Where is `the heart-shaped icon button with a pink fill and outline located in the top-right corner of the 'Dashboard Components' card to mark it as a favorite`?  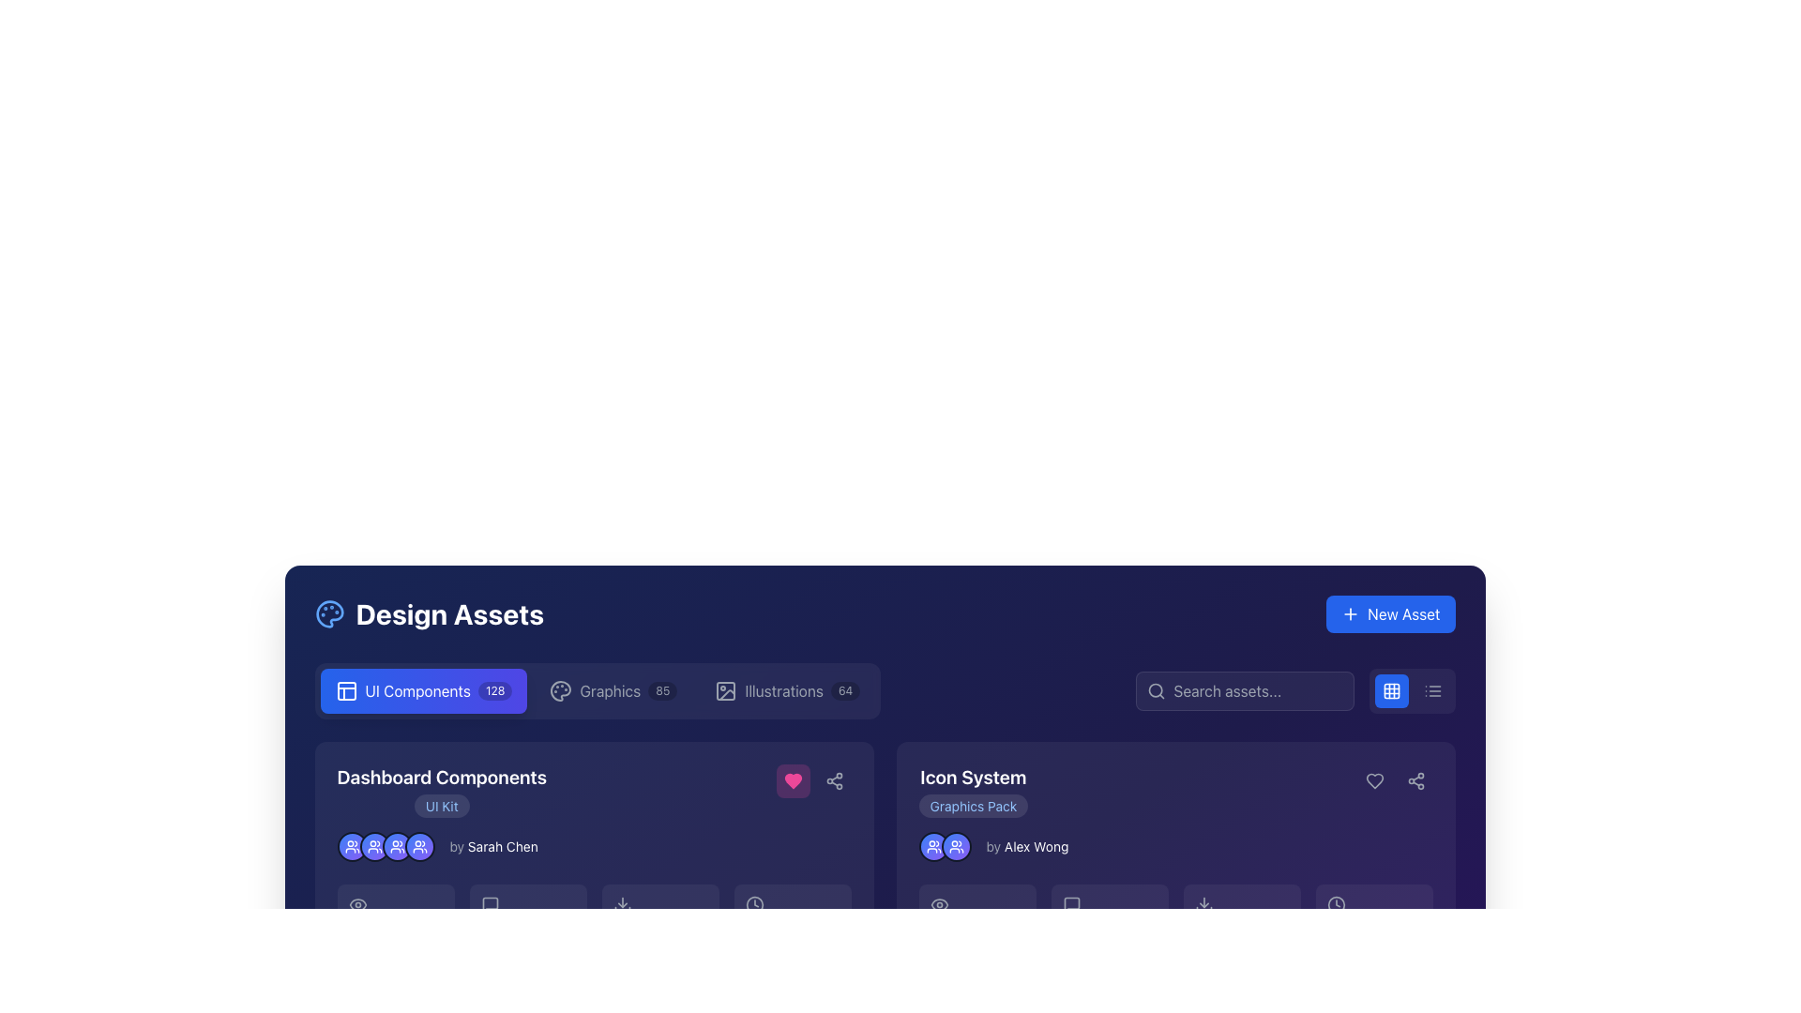 the heart-shaped icon button with a pink fill and outline located in the top-right corner of the 'Dashboard Components' card to mark it as a favorite is located at coordinates (793, 781).